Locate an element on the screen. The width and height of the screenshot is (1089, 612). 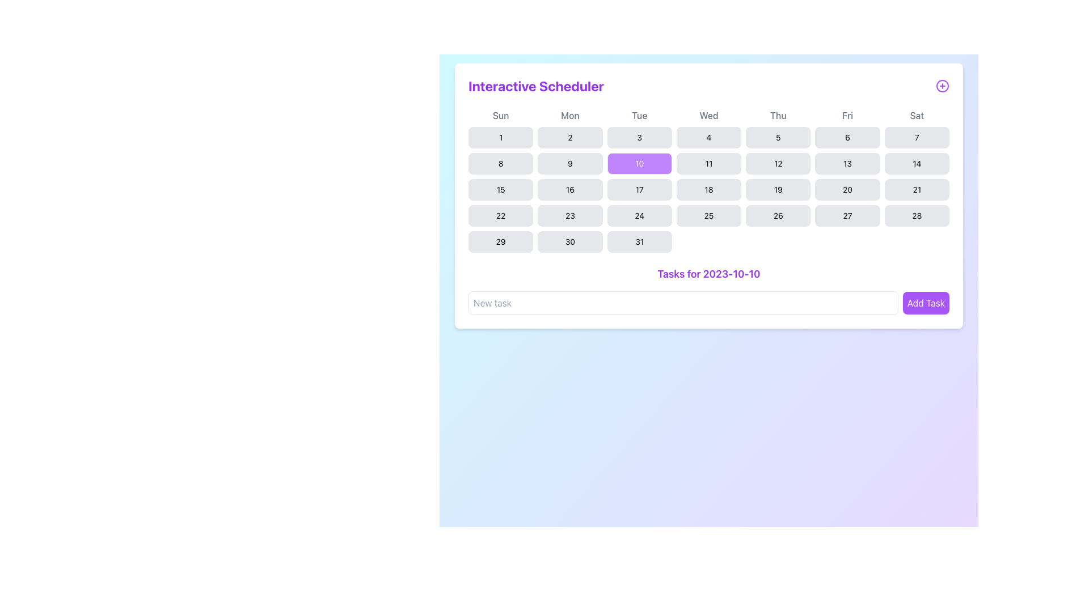
the button representing the date '24' in the calendar interface is located at coordinates (639, 216).